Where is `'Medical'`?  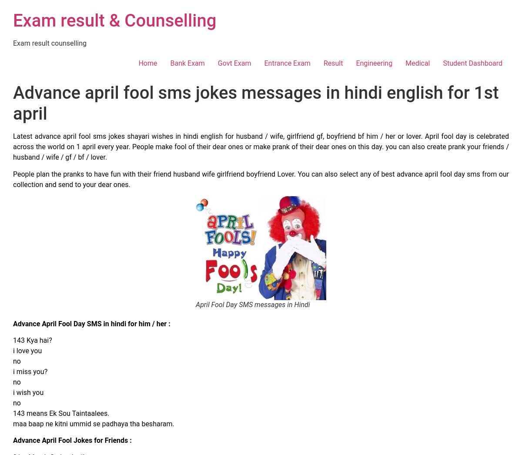 'Medical' is located at coordinates (418, 63).